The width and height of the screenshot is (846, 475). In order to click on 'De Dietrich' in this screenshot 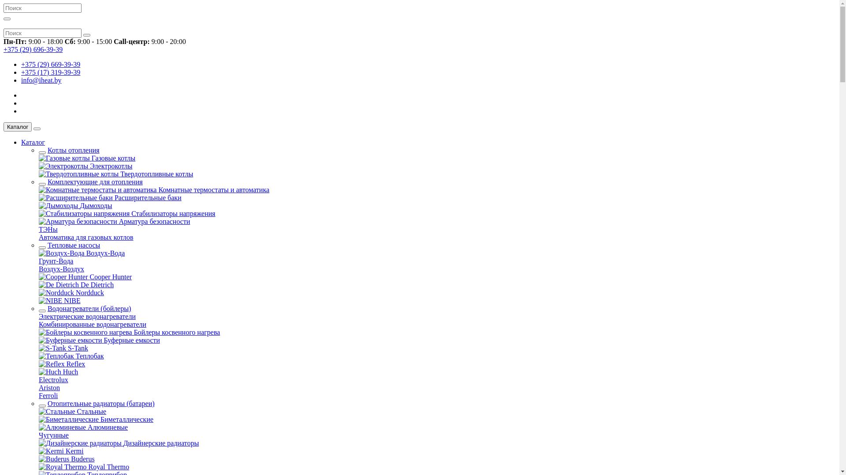, I will do `click(38, 285)`.